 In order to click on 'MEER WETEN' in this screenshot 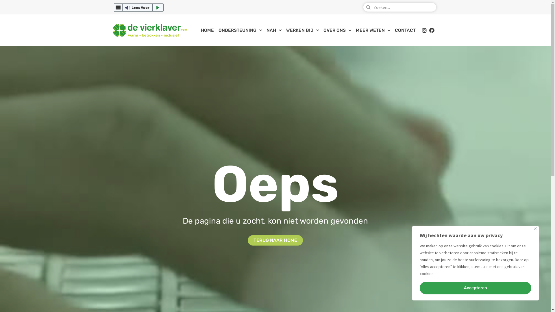, I will do `click(373, 30)`.